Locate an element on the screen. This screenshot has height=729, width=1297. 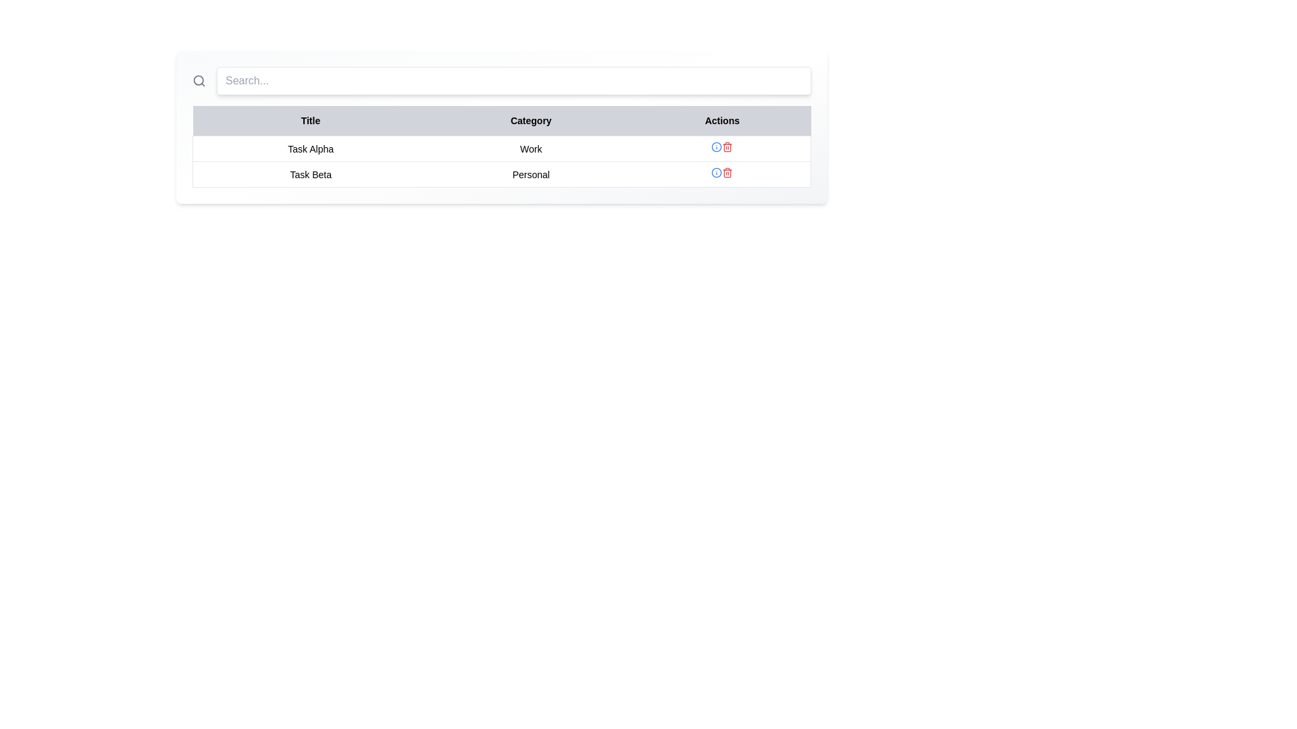
the text label 'Personal' in black font located in the second row of a table under the 'Category' column, positioned to the right of 'Task Beta' is located at coordinates (530, 173).